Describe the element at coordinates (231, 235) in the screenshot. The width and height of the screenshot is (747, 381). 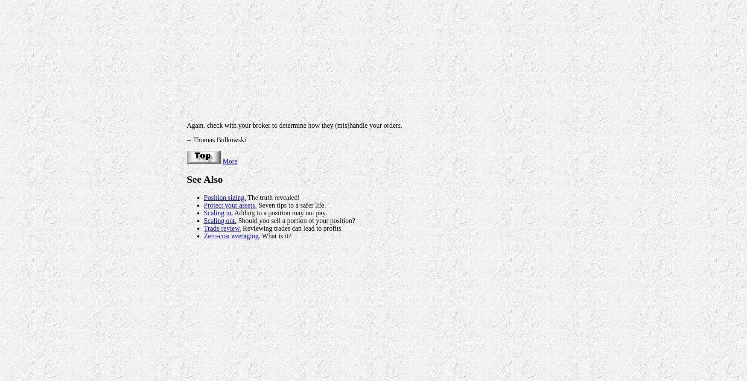
I see `'Zero-cost averaging.'` at that location.